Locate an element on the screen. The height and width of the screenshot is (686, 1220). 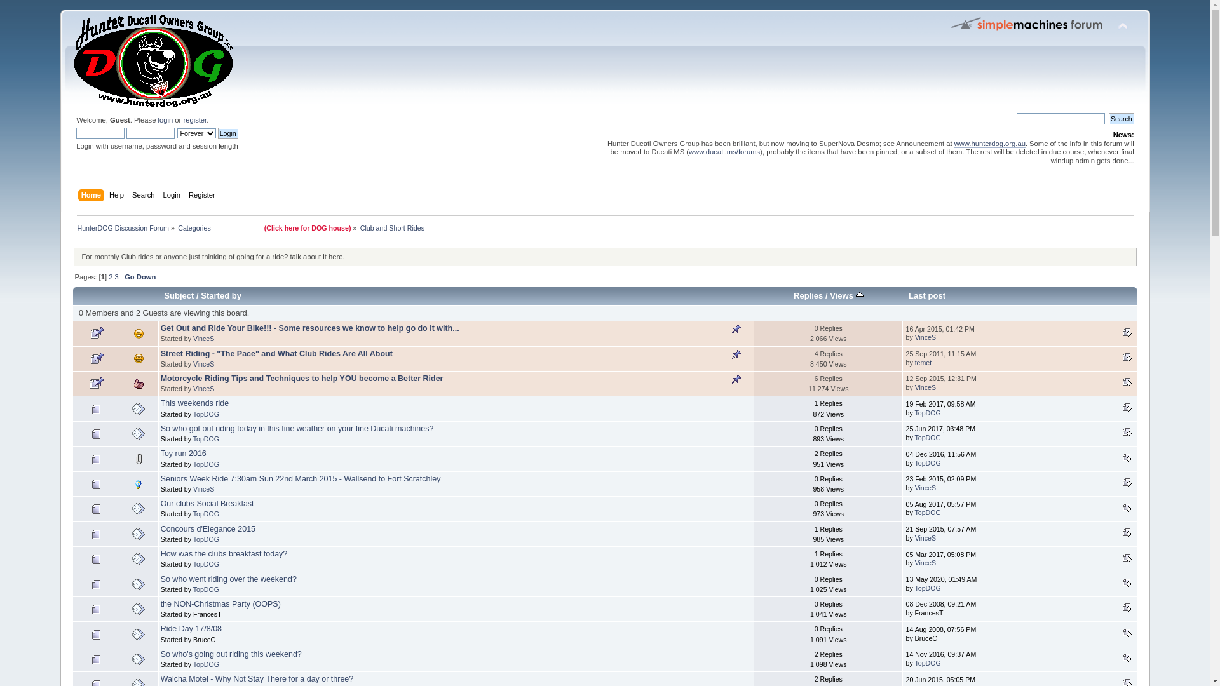
'Club and Short Rides' is located at coordinates (391, 227).